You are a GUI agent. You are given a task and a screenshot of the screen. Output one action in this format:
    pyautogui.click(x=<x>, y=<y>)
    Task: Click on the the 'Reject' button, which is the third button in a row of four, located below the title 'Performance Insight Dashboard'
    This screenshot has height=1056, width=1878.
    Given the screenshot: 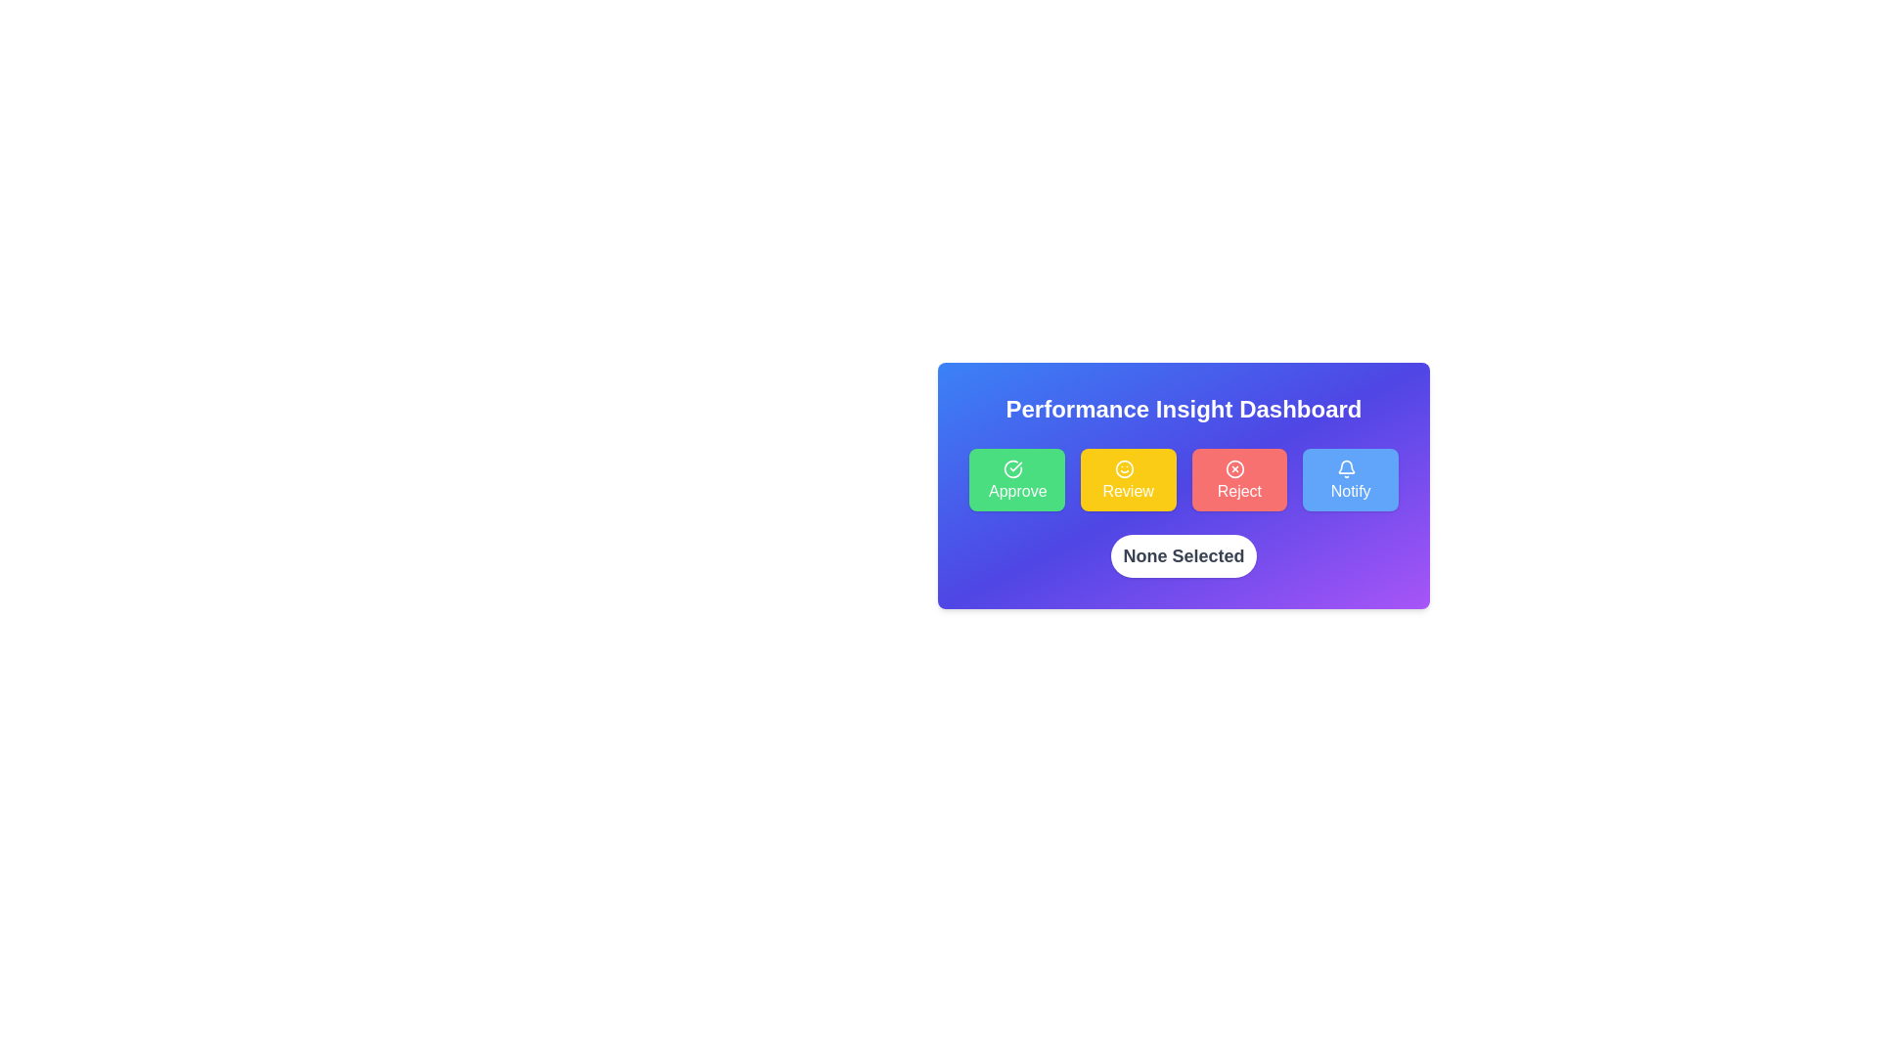 What is the action you would take?
    pyautogui.click(x=1183, y=485)
    